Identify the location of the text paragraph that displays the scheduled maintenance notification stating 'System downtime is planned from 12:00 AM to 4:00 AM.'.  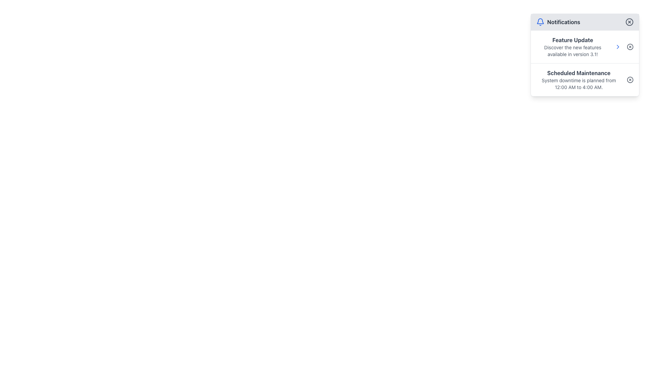
(579, 83).